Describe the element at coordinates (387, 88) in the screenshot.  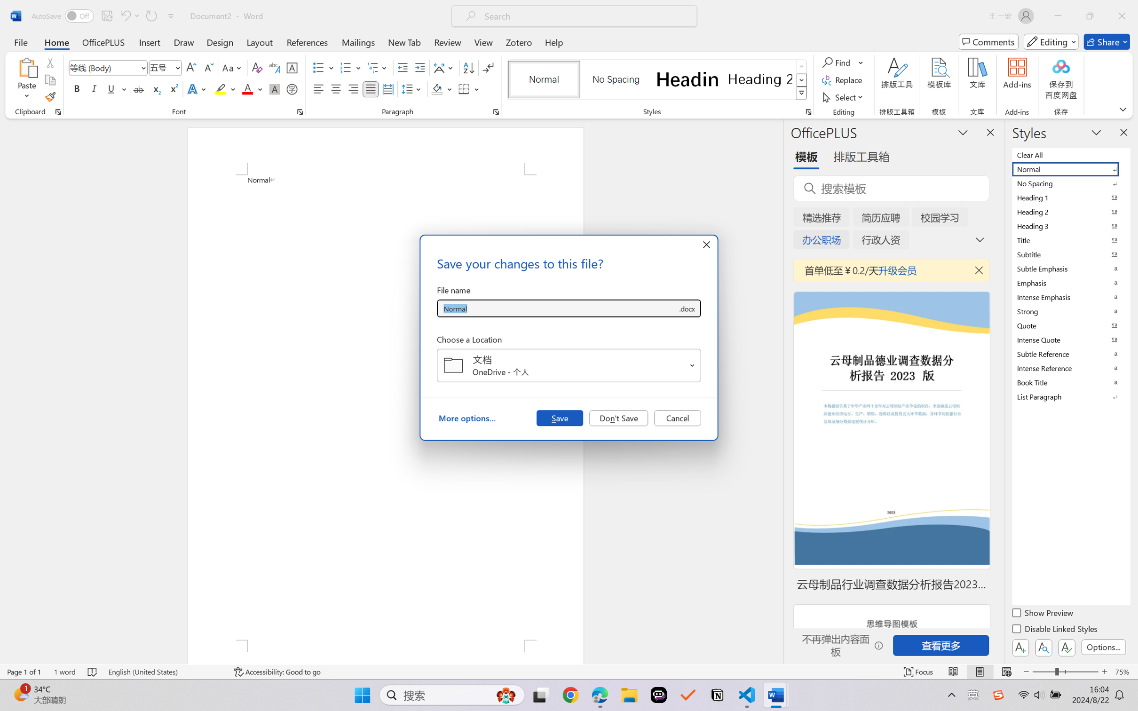
I see `'Distributed'` at that location.